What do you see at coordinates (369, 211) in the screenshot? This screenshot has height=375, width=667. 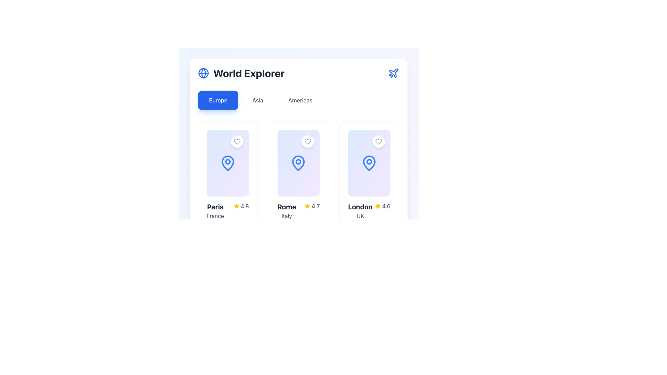 I see `the Label displaying 'London' with a yellow star icon and a rating of '4.6'` at bounding box center [369, 211].